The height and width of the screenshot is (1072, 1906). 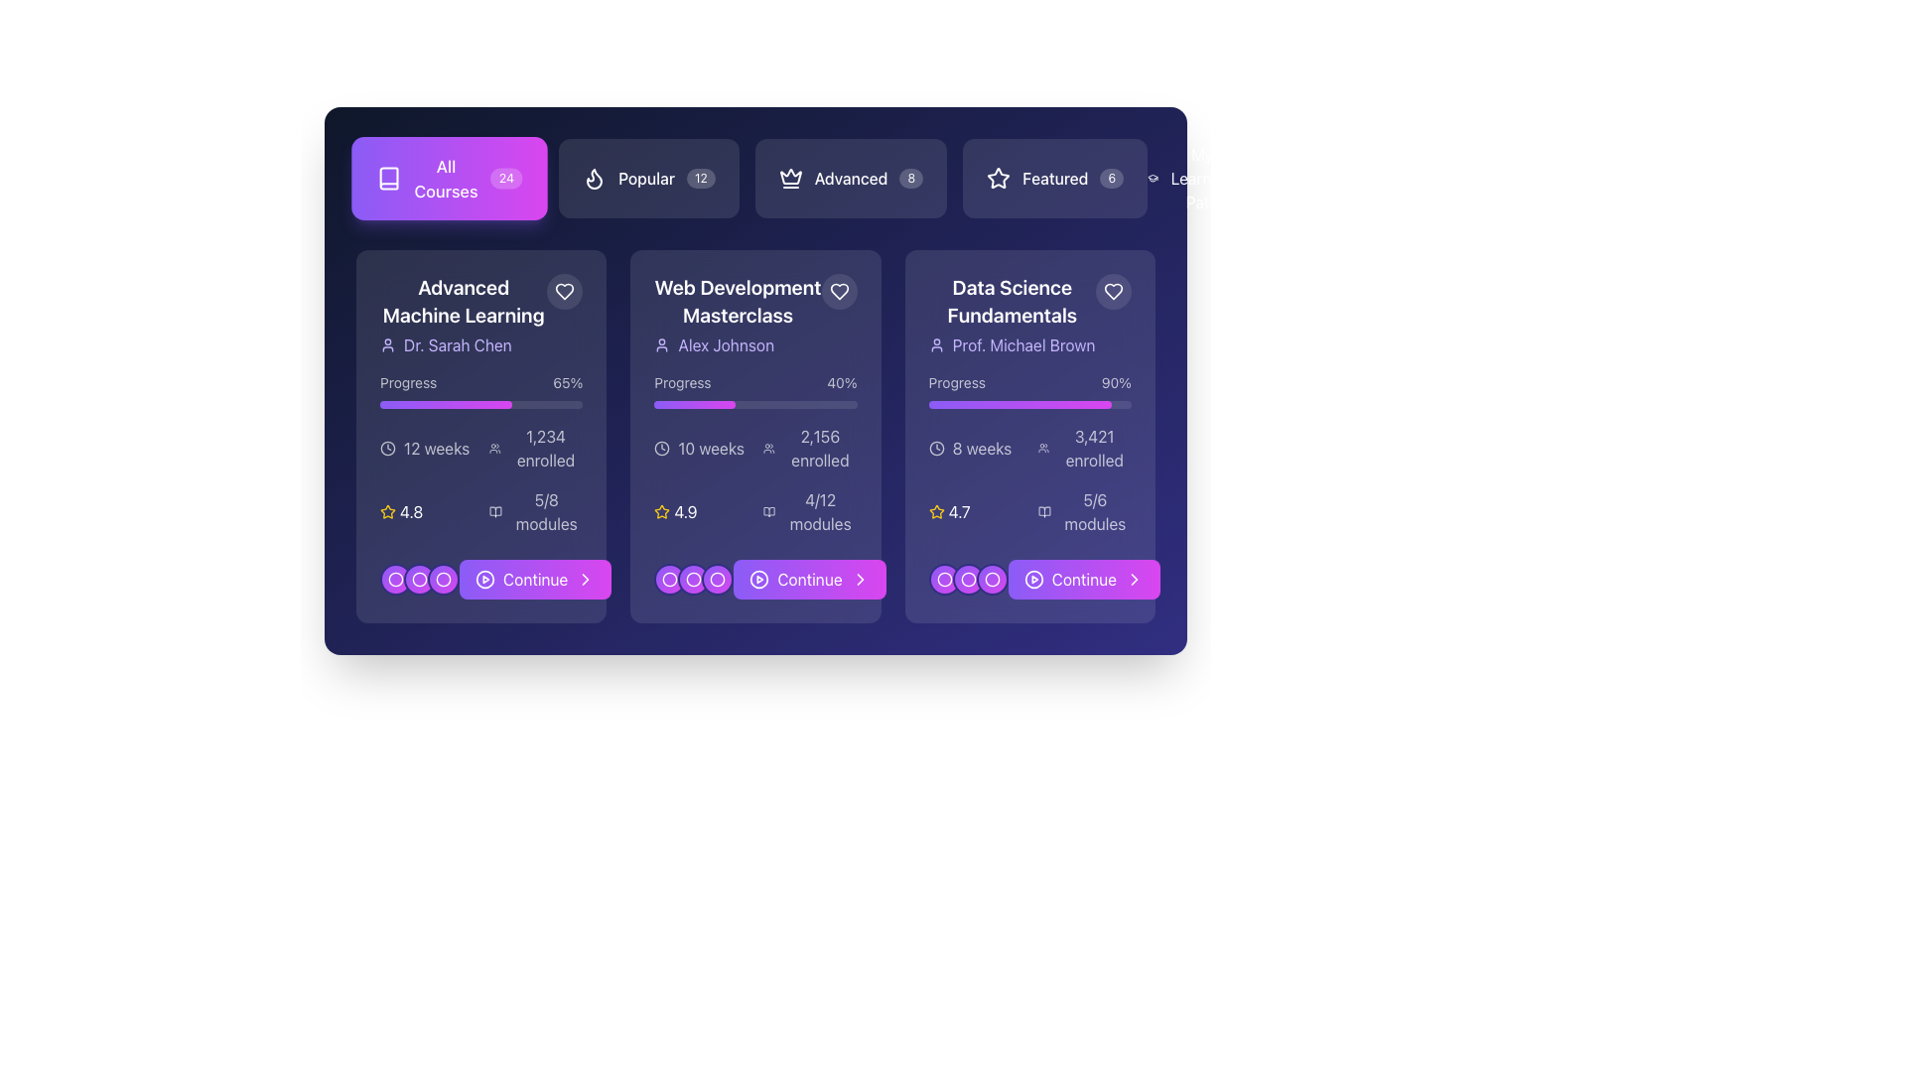 I want to click on the progress visually on the progress bar located in the first course card (Advanced Machine Learning), which is beneath the 'Progress' label and above the course details, so click(x=481, y=404).